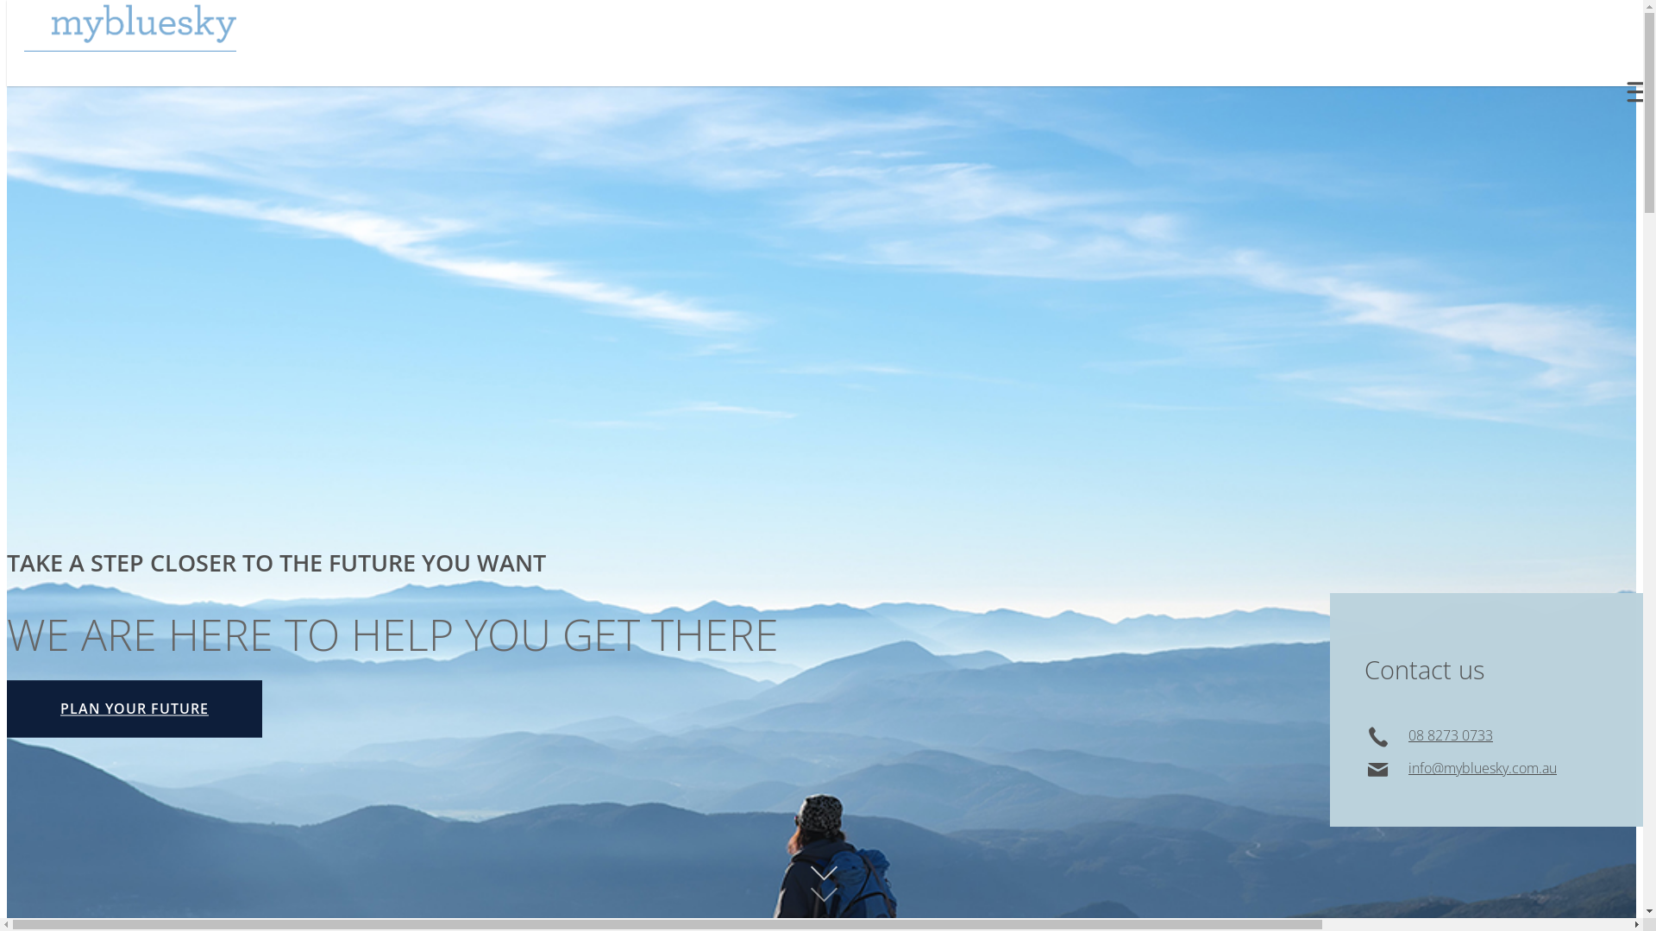  Describe the element at coordinates (1408, 767) in the screenshot. I see `'info@mybluesky.com.au'` at that location.